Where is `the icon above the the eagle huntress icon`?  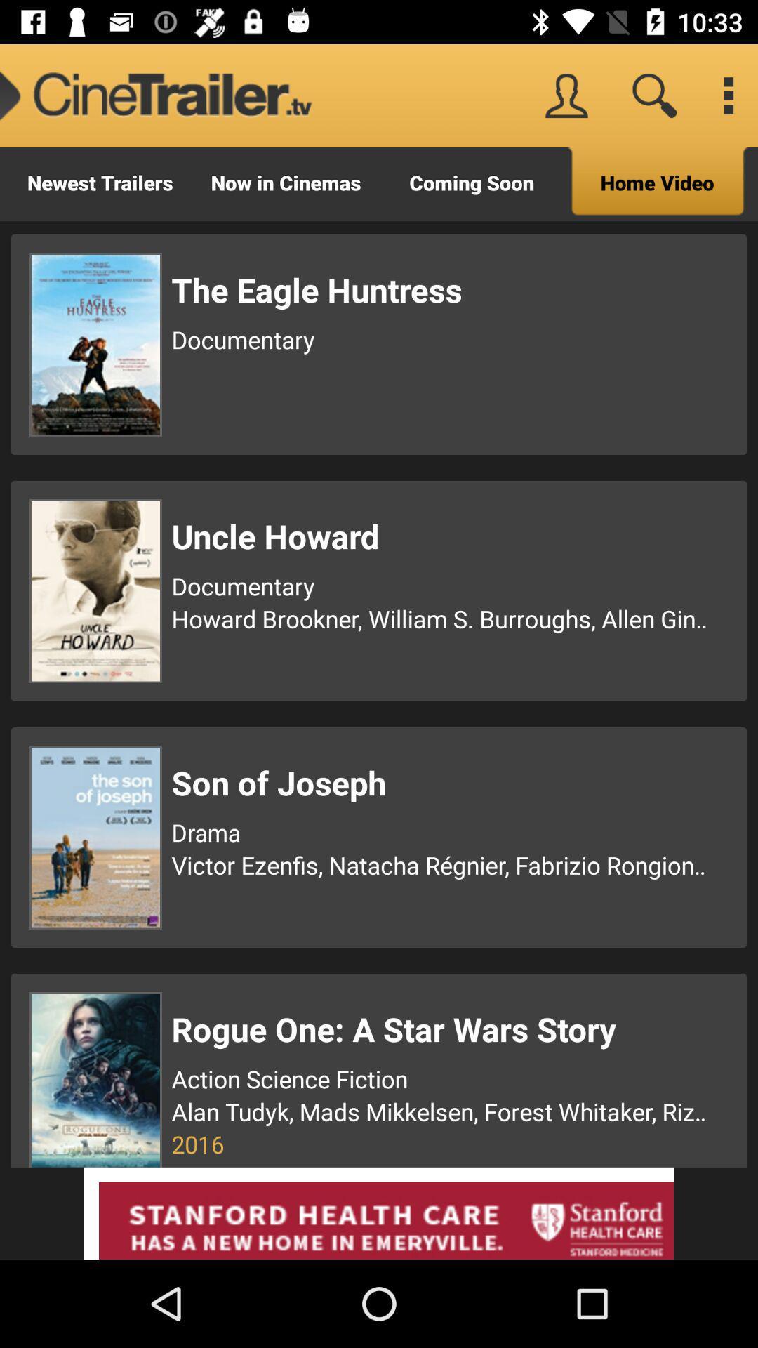 the icon above the the eagle huntress icon is located at coordinates (658, 183).